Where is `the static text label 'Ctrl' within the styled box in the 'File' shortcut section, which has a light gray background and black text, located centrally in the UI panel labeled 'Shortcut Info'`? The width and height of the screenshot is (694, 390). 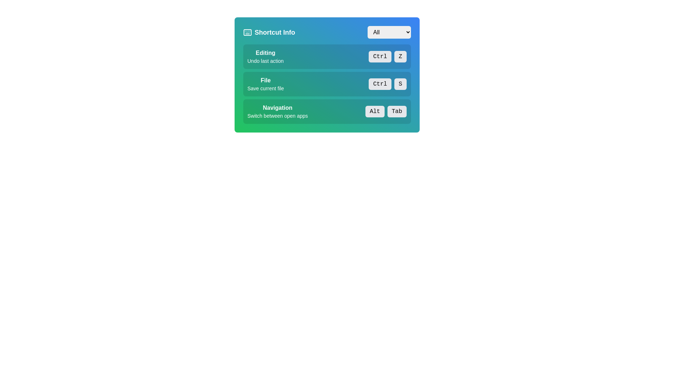 the static text label 'Ctrl' within the styled box in the 'File' shortcut section, which has a light gray background and black text, located centrally in the UI panel labeled 'Shortcut Info' is located at coordinates (380, 83).